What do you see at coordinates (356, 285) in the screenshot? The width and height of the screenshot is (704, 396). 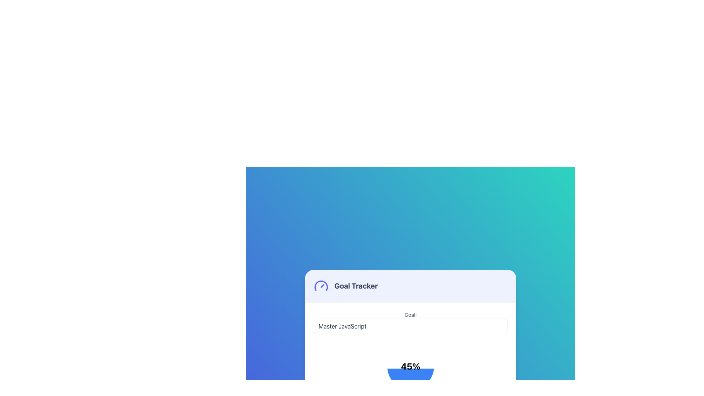 I see `text label 'Goal Tracker' located in the top-left section of the user interface, positioned next to an icon in a light blue background layout` at bounding box center [356, 285].